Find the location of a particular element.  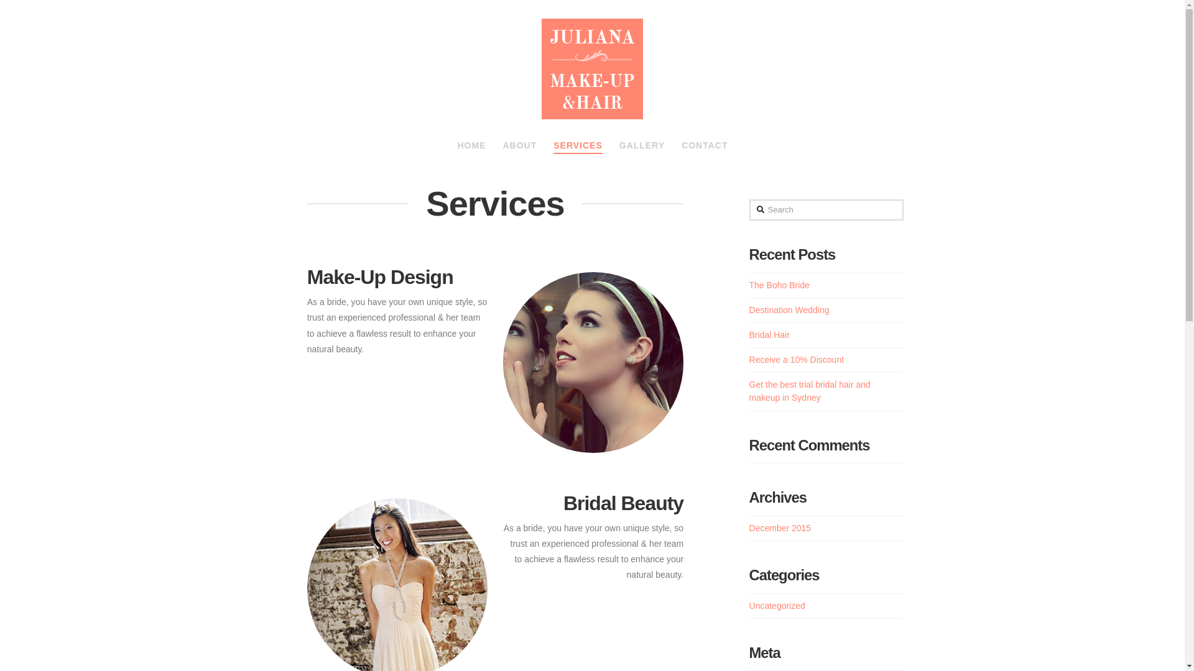

'Uncategorized' is located at coordinates (776, 605).